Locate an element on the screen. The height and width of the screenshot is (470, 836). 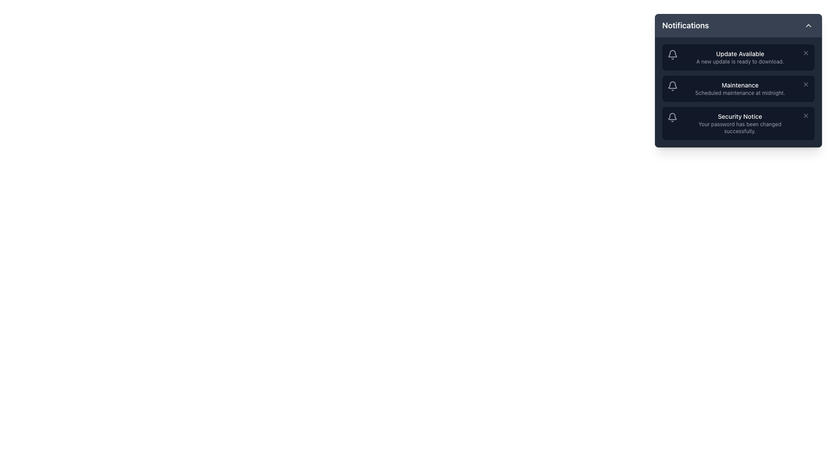
the upward-pointing chevron-down icon within the circular button at the top-right corner of the Notifications panel is located at coordinates (808, 25).